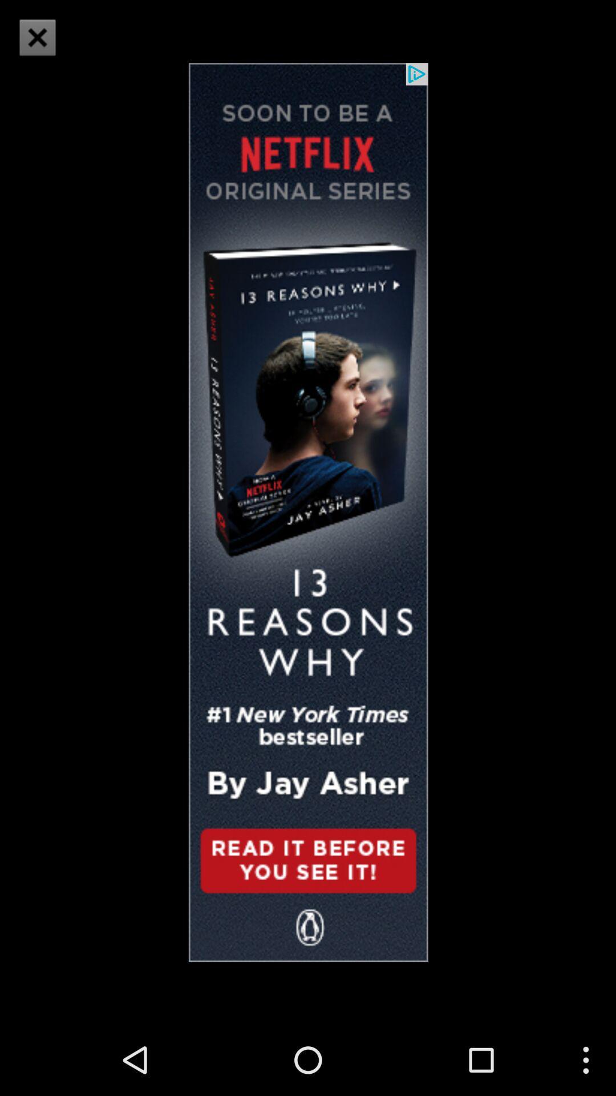 This screenshot has width=616, height=1096. What do you see at coordinates (37, 40) in the screenshot?
I see `the close icon` at bounding box center [37, 40].